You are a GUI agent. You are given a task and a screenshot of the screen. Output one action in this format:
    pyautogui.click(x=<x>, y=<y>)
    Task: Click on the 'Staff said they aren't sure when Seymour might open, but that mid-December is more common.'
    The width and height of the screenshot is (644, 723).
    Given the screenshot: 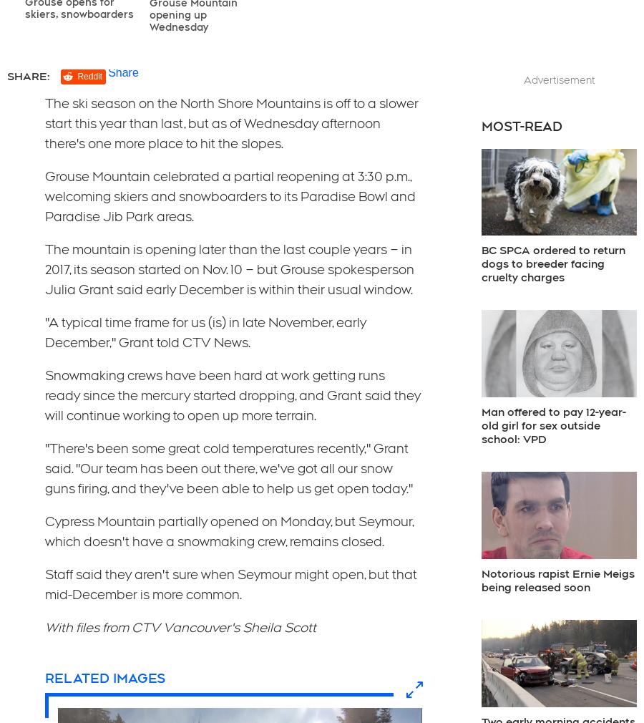 What is the action you would take?
    pyautogui.click(x=230, y=584)
    